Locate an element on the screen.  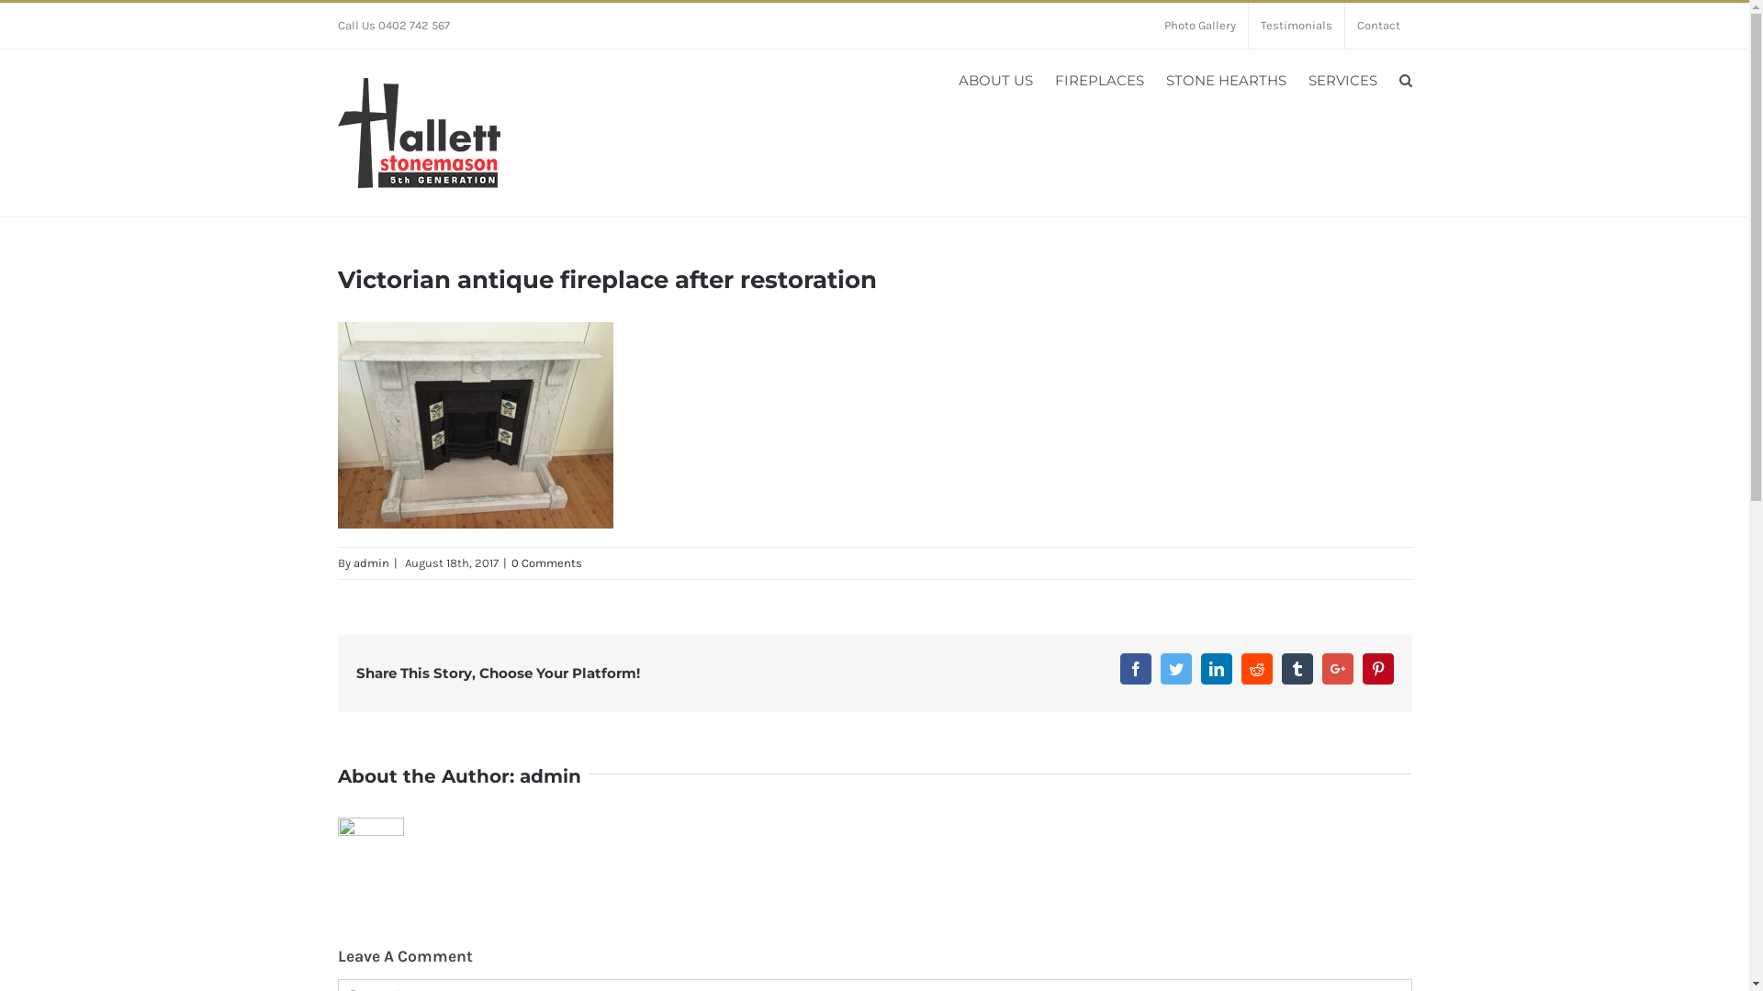
'Linkedin' is located at coordinates (1201, 669).